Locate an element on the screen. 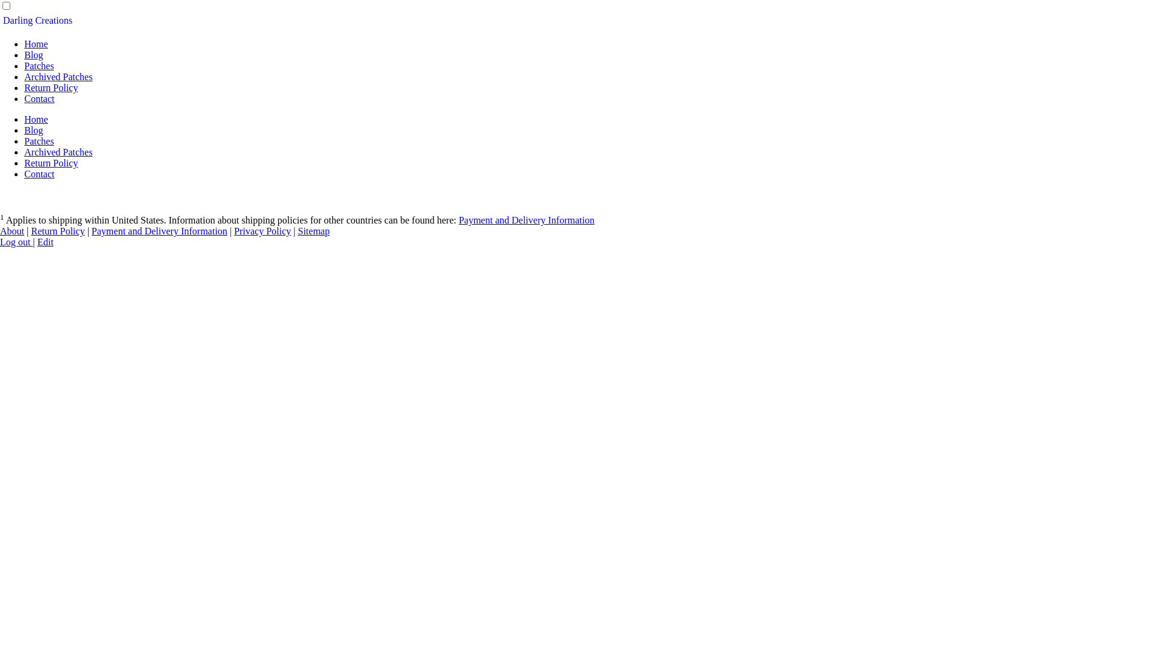 This screenshot has height=656, width=1166. 'Payment and Delivery Information' is located at coordinates (527, 220).